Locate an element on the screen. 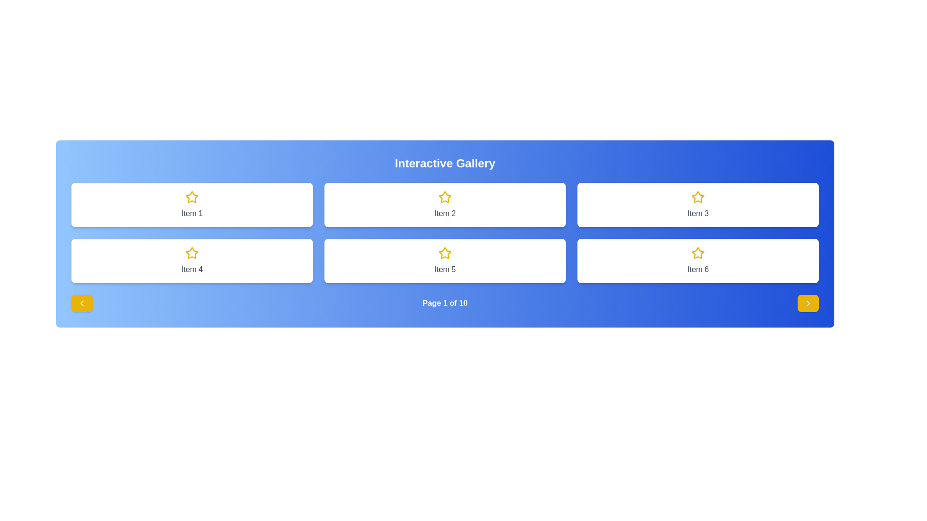  details of the Interactive Card labeled 'Item 5', which has a white background, a yellow star icon above the text, and is located in the second row and second column of the grid layout is located at coordinates (444, 260).